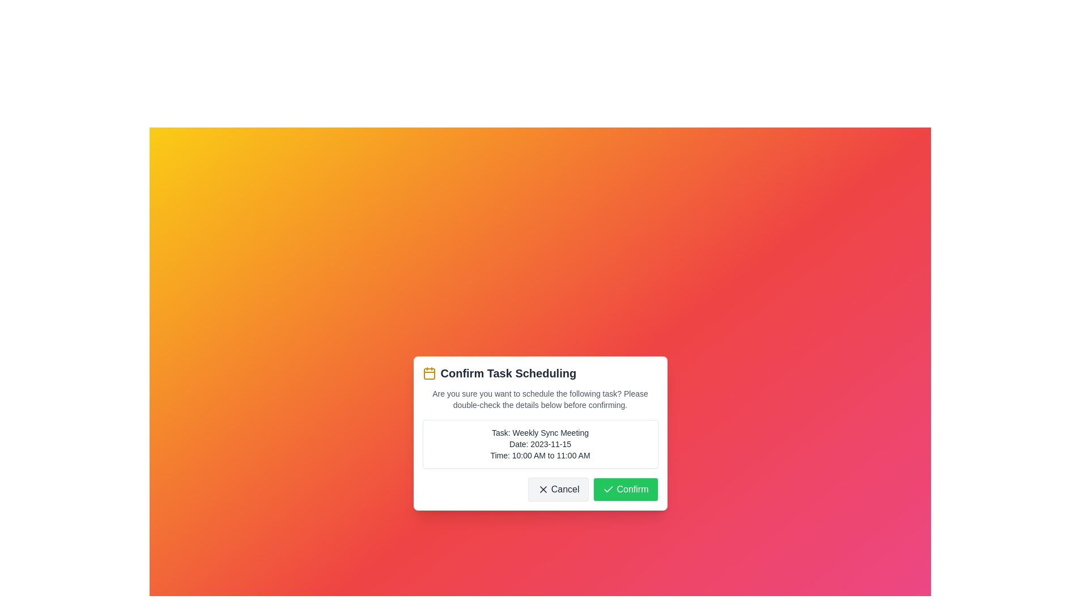  What do you see at coordinates (539, 443) in the screenshot?
I see `the non-interactive text label that displays the date of the scheduled task, located beneath the task title text and above the time range text` at bounding box center [539, 443].